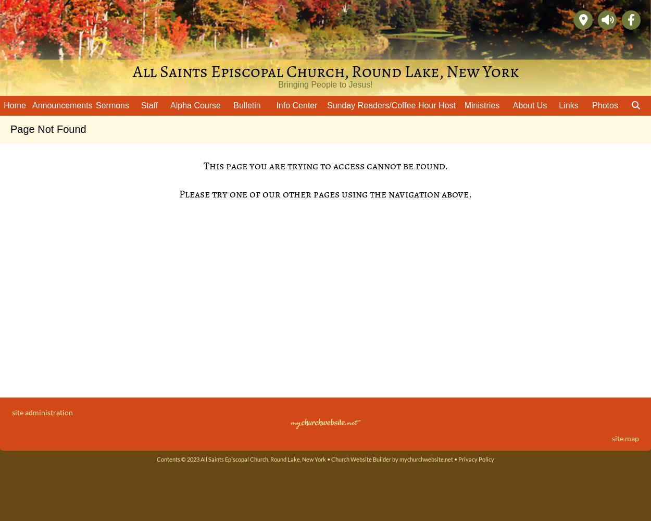  I want to click on 'Page Not Found', so click(10, 129).